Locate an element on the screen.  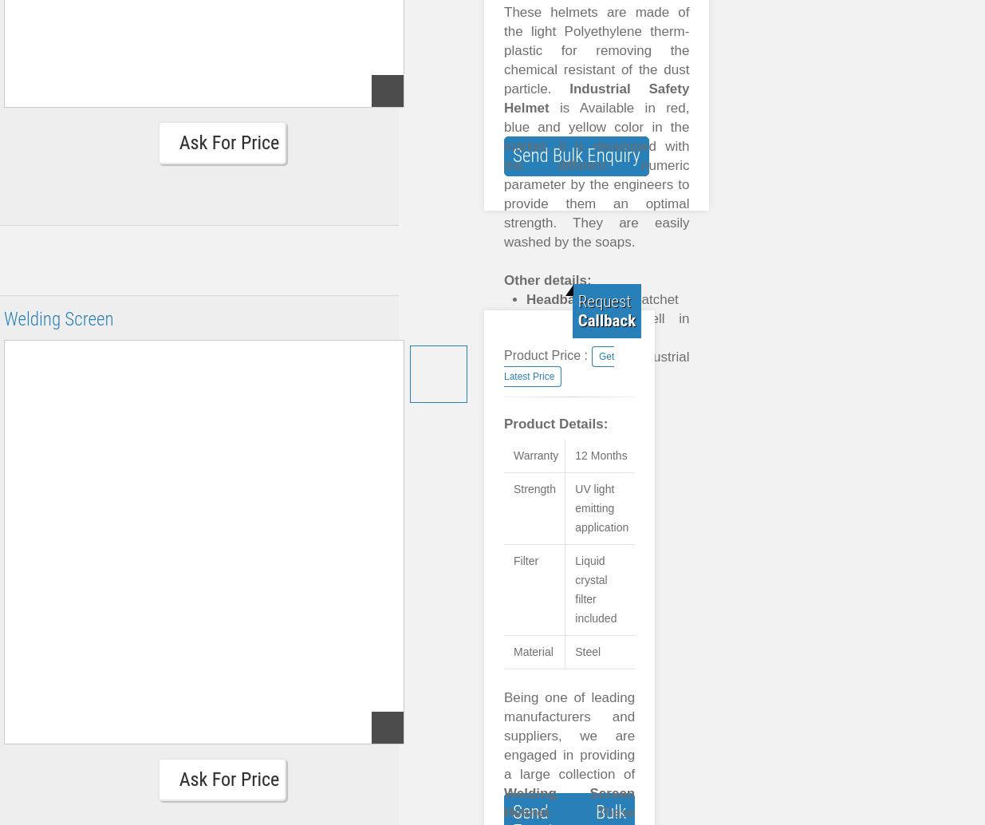
'Warranty' is located at coordinates (535, 455).